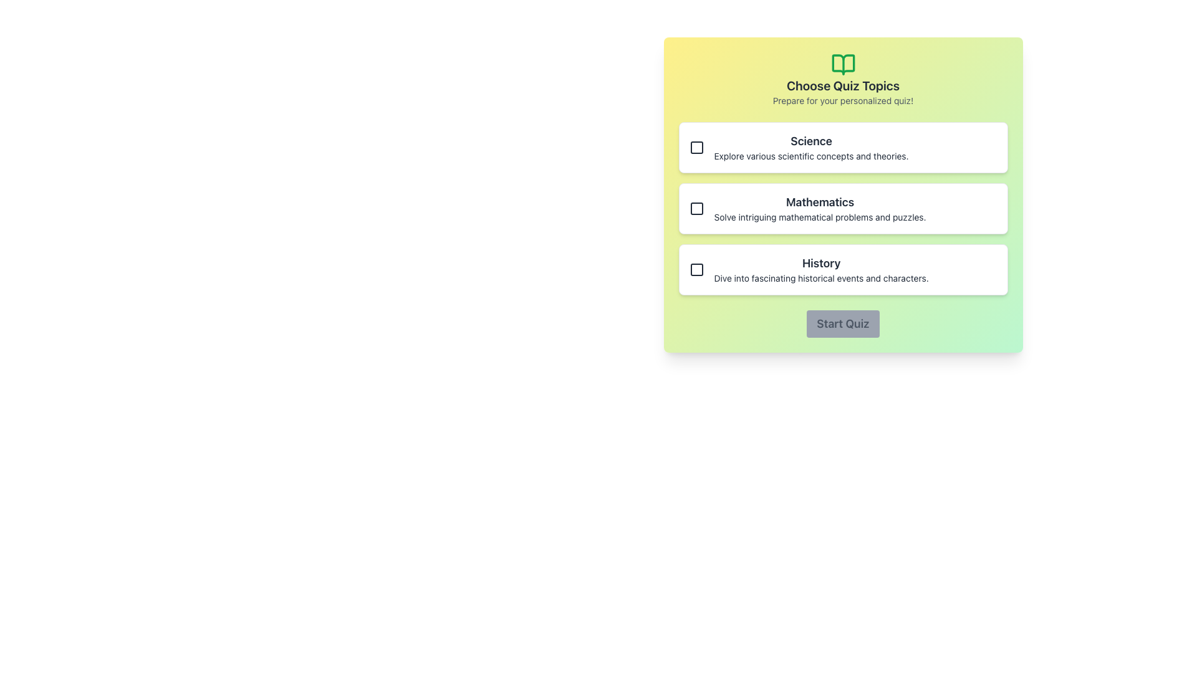 This screenshot has height=673, width=1197. Describe the element at coordinates (696, 146) in the screenshot. I see `the checkbox located to the left of the 'Science' quiz topic` at that location.